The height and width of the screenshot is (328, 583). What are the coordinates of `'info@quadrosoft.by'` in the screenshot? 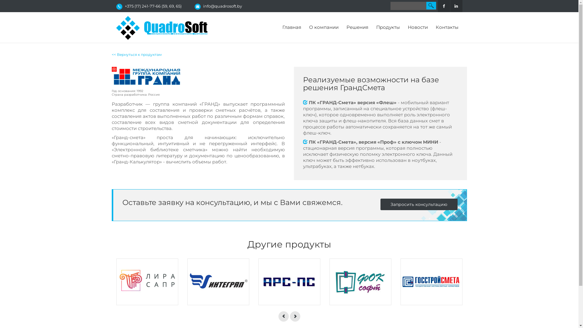 It's located at (222, 6).